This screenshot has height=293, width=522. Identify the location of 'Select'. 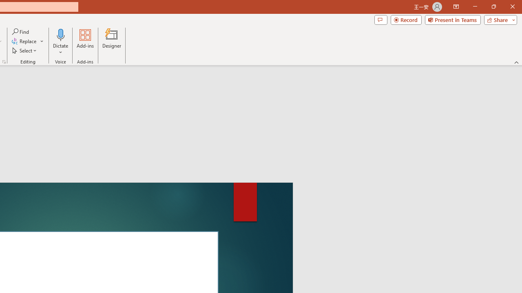
(25, 50).